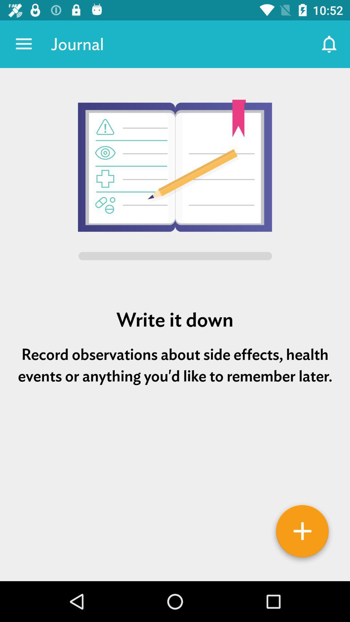 Image resolution: width=350 pixels, height=622 pixels. I want to click on the icon at the top right corner, so click(330, 44).